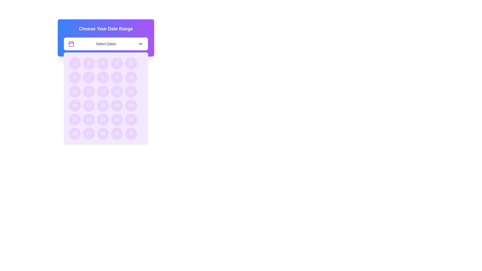 This screenshot has height=271, width=482. What do you see at coordinates (131, 133) in the screenshot?
I see `the circular button with a light purple background and the number '30' displayed at its center` at bounding box center [131, 133].